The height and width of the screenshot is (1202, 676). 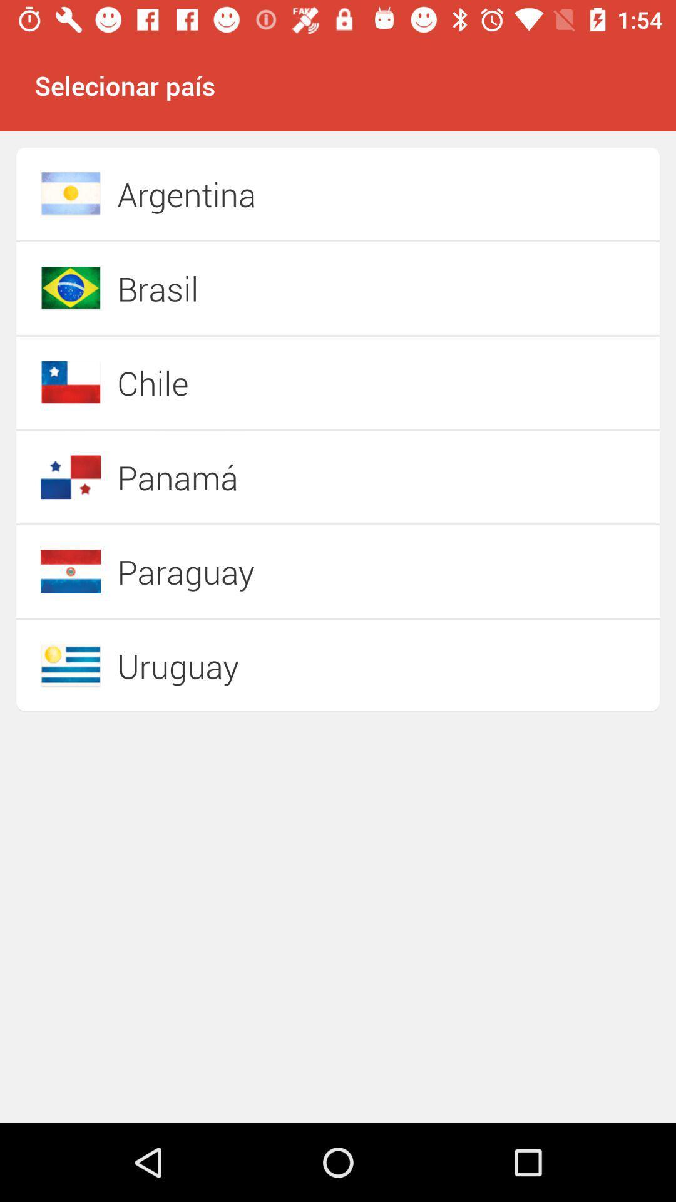 I want to click on icon above the brasil icon, so click(x=294, y=193).